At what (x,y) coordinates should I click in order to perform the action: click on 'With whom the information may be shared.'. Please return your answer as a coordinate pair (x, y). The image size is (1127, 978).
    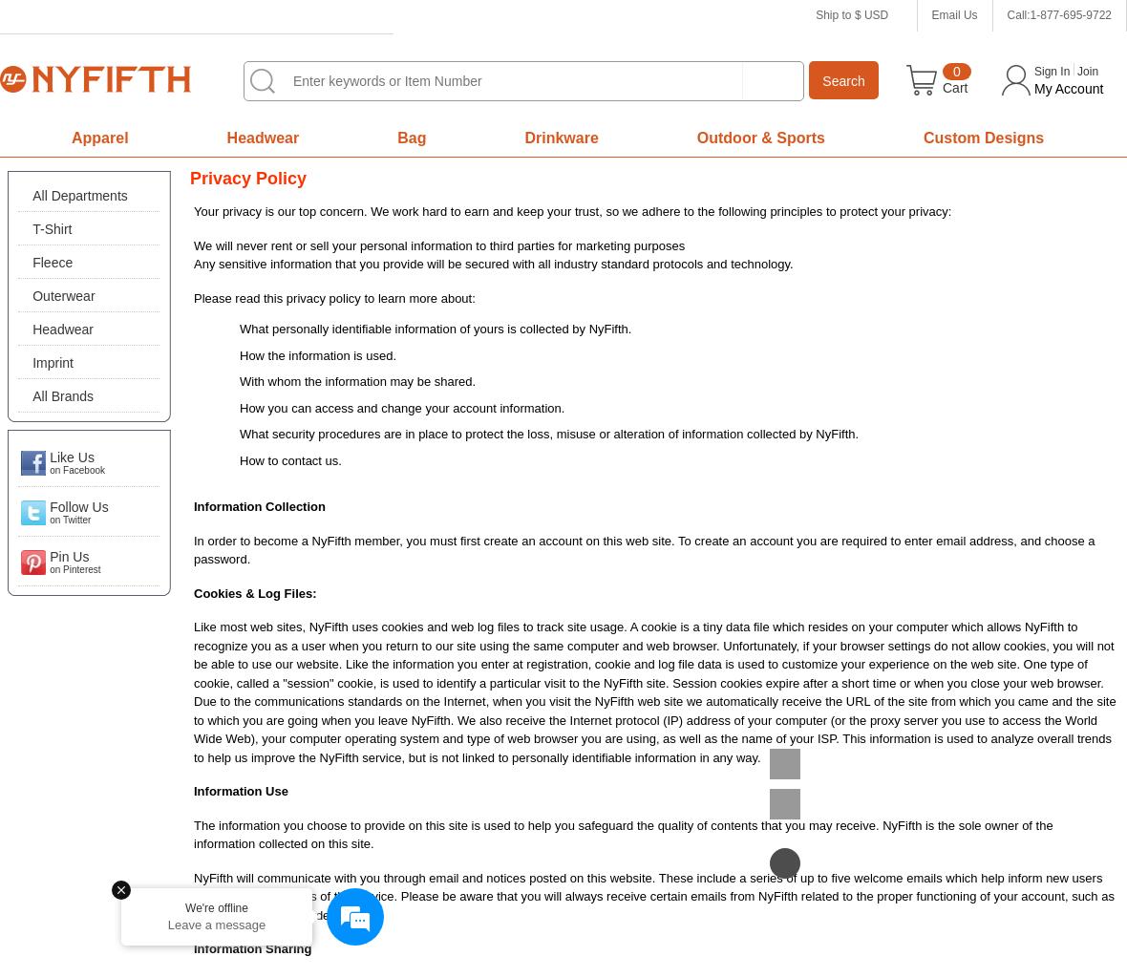
    Looking at the image, I should click on (356, 380).